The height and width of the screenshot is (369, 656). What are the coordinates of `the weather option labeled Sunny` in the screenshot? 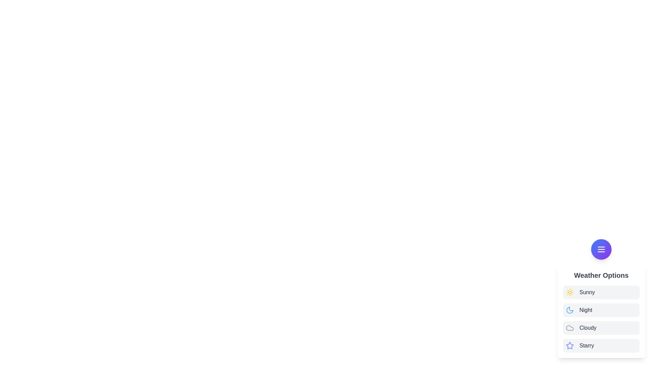 It's located at (587, 292).